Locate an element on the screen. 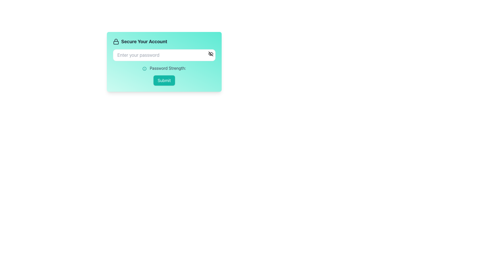 This screenshot has height=276, width=492. the rectangular main body of the padlock icon located below the lock shackle next to the text 'Secure Your Account' is located at coordinates (116, 42).